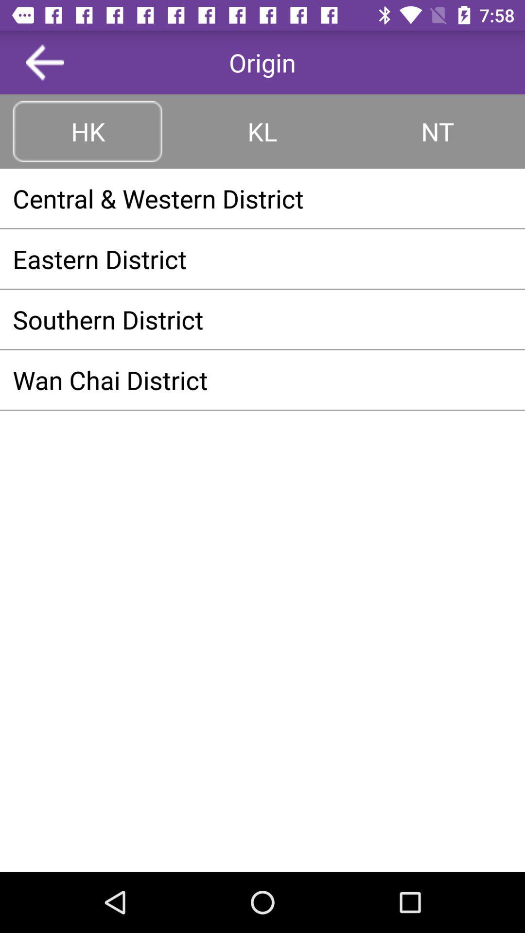 Image resolution: width=525 pixels, height=933 pixels. Describe the element at coordinates (262, 198) in the screenshot. I see `the central & western district app` at that location.